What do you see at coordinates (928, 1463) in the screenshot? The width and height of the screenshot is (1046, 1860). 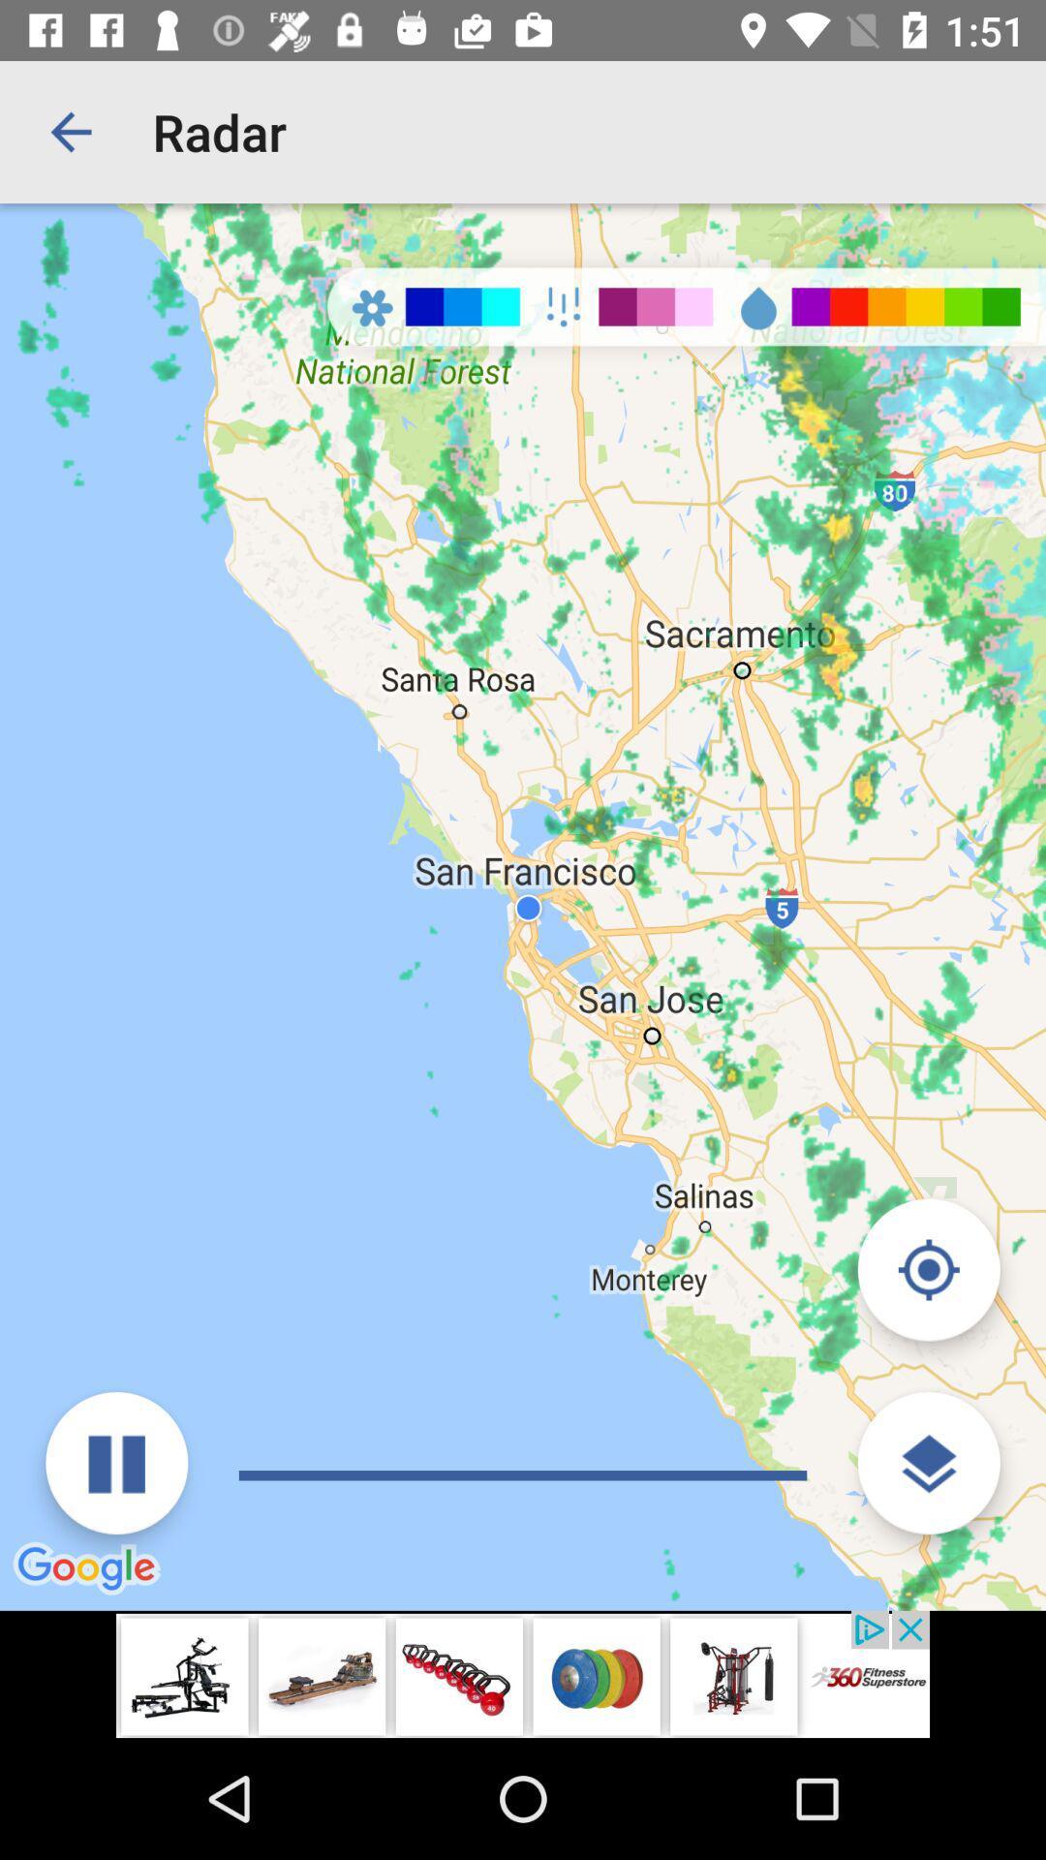 I see `show map` at bounding box center [928, 1463].